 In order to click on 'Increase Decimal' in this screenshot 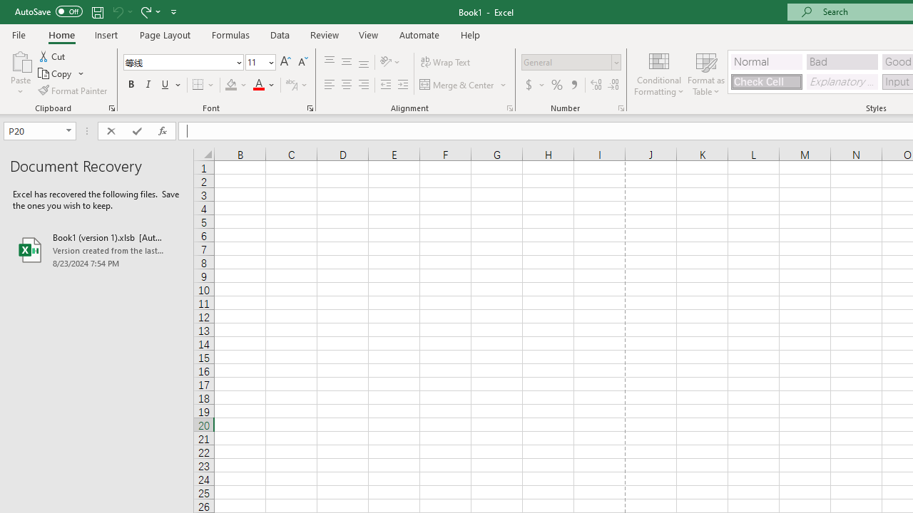, I will do `click(596, 85)`.